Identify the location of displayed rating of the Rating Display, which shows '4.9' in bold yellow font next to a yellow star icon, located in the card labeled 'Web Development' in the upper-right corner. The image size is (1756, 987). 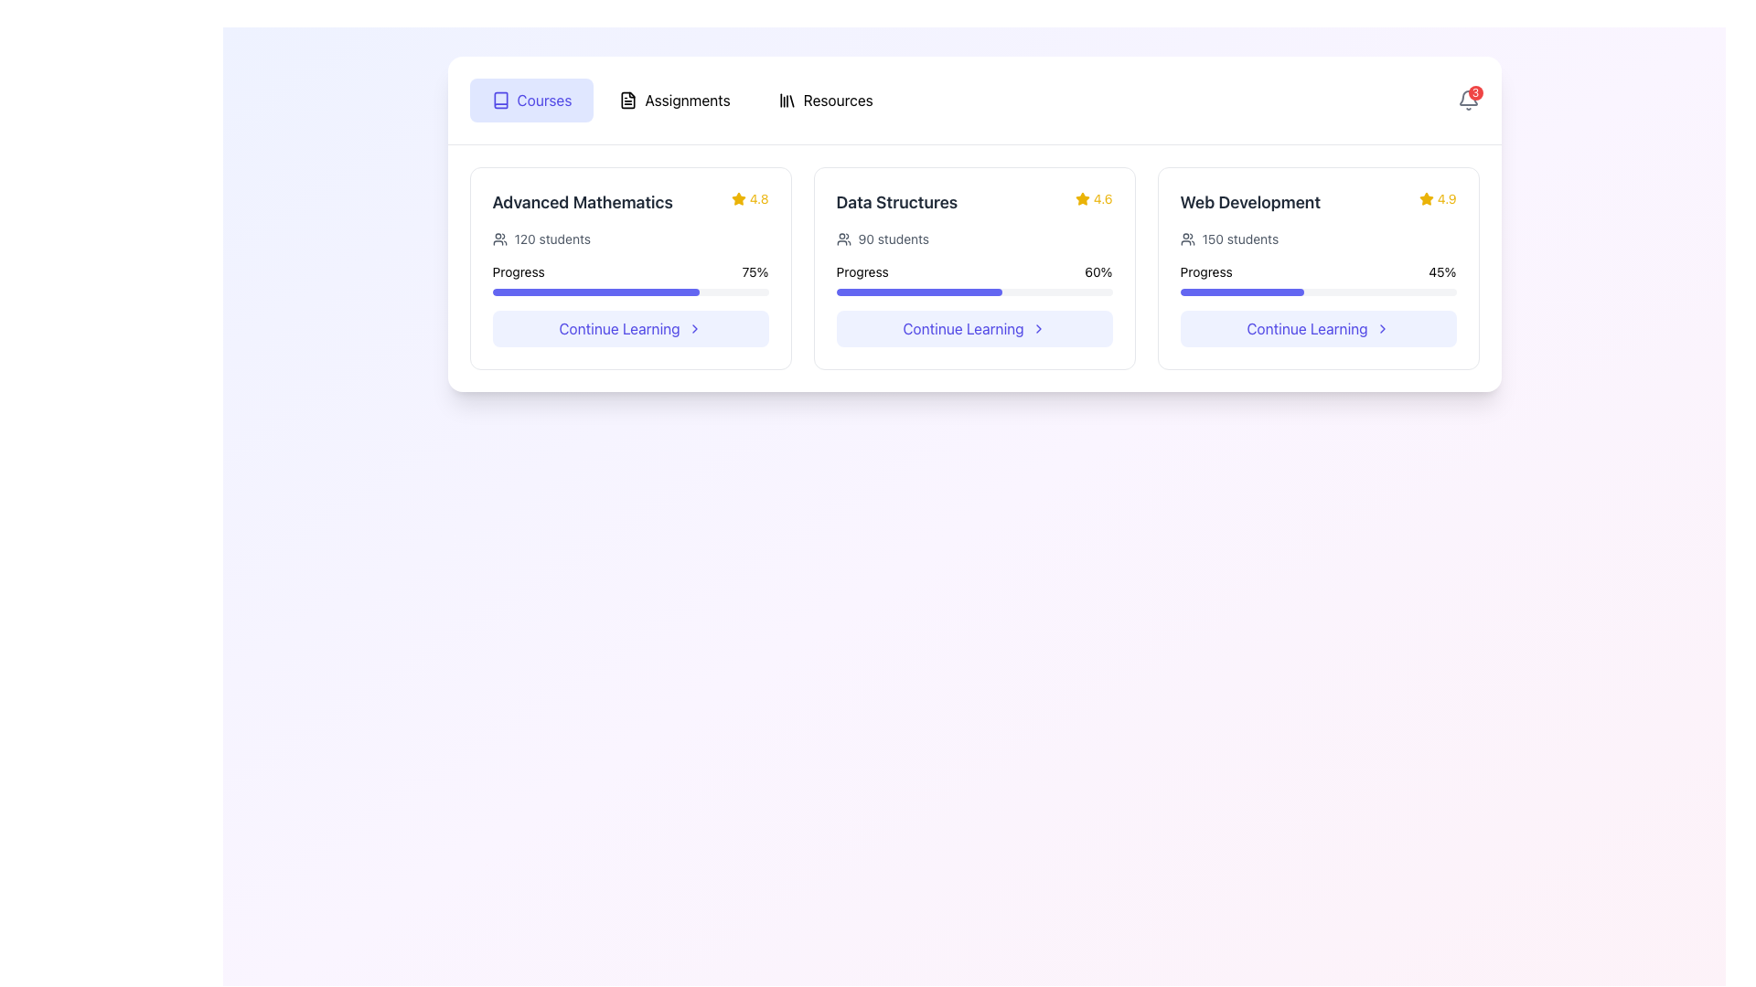
(1437, 199).